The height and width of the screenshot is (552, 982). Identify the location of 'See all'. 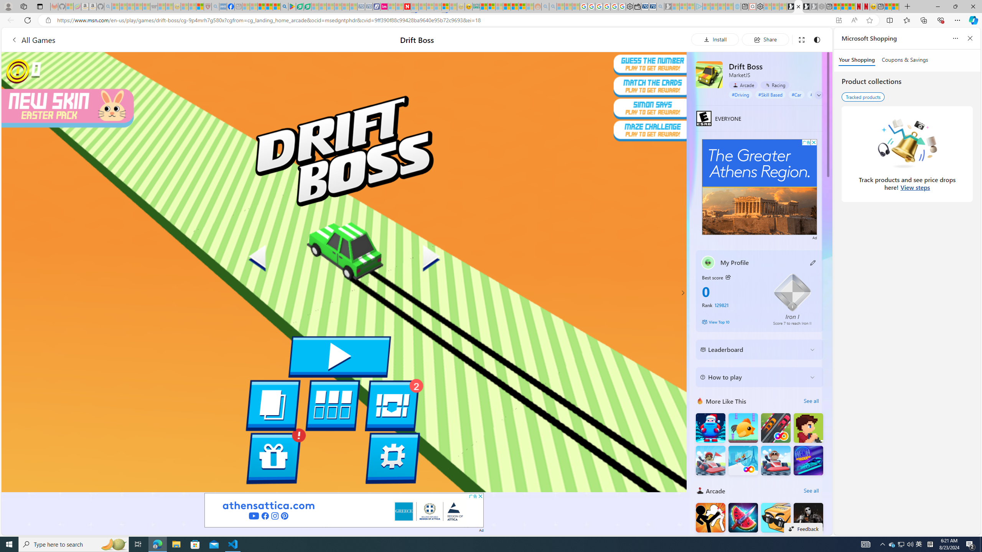
(811, 490).